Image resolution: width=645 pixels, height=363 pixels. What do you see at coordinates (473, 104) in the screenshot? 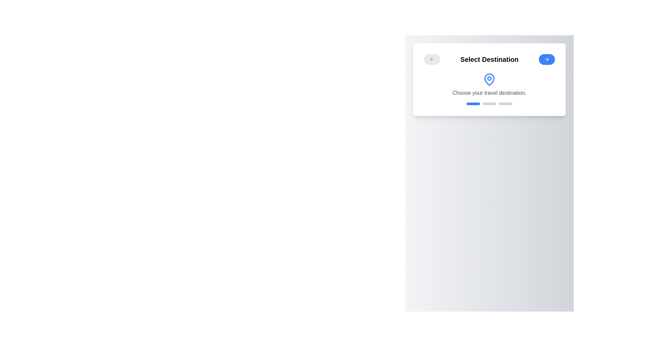
I see `the leftmost progress indicator bar with a blue background below the text 'Choose your travel destination' for progress indication` at bounding box center [473, 104].